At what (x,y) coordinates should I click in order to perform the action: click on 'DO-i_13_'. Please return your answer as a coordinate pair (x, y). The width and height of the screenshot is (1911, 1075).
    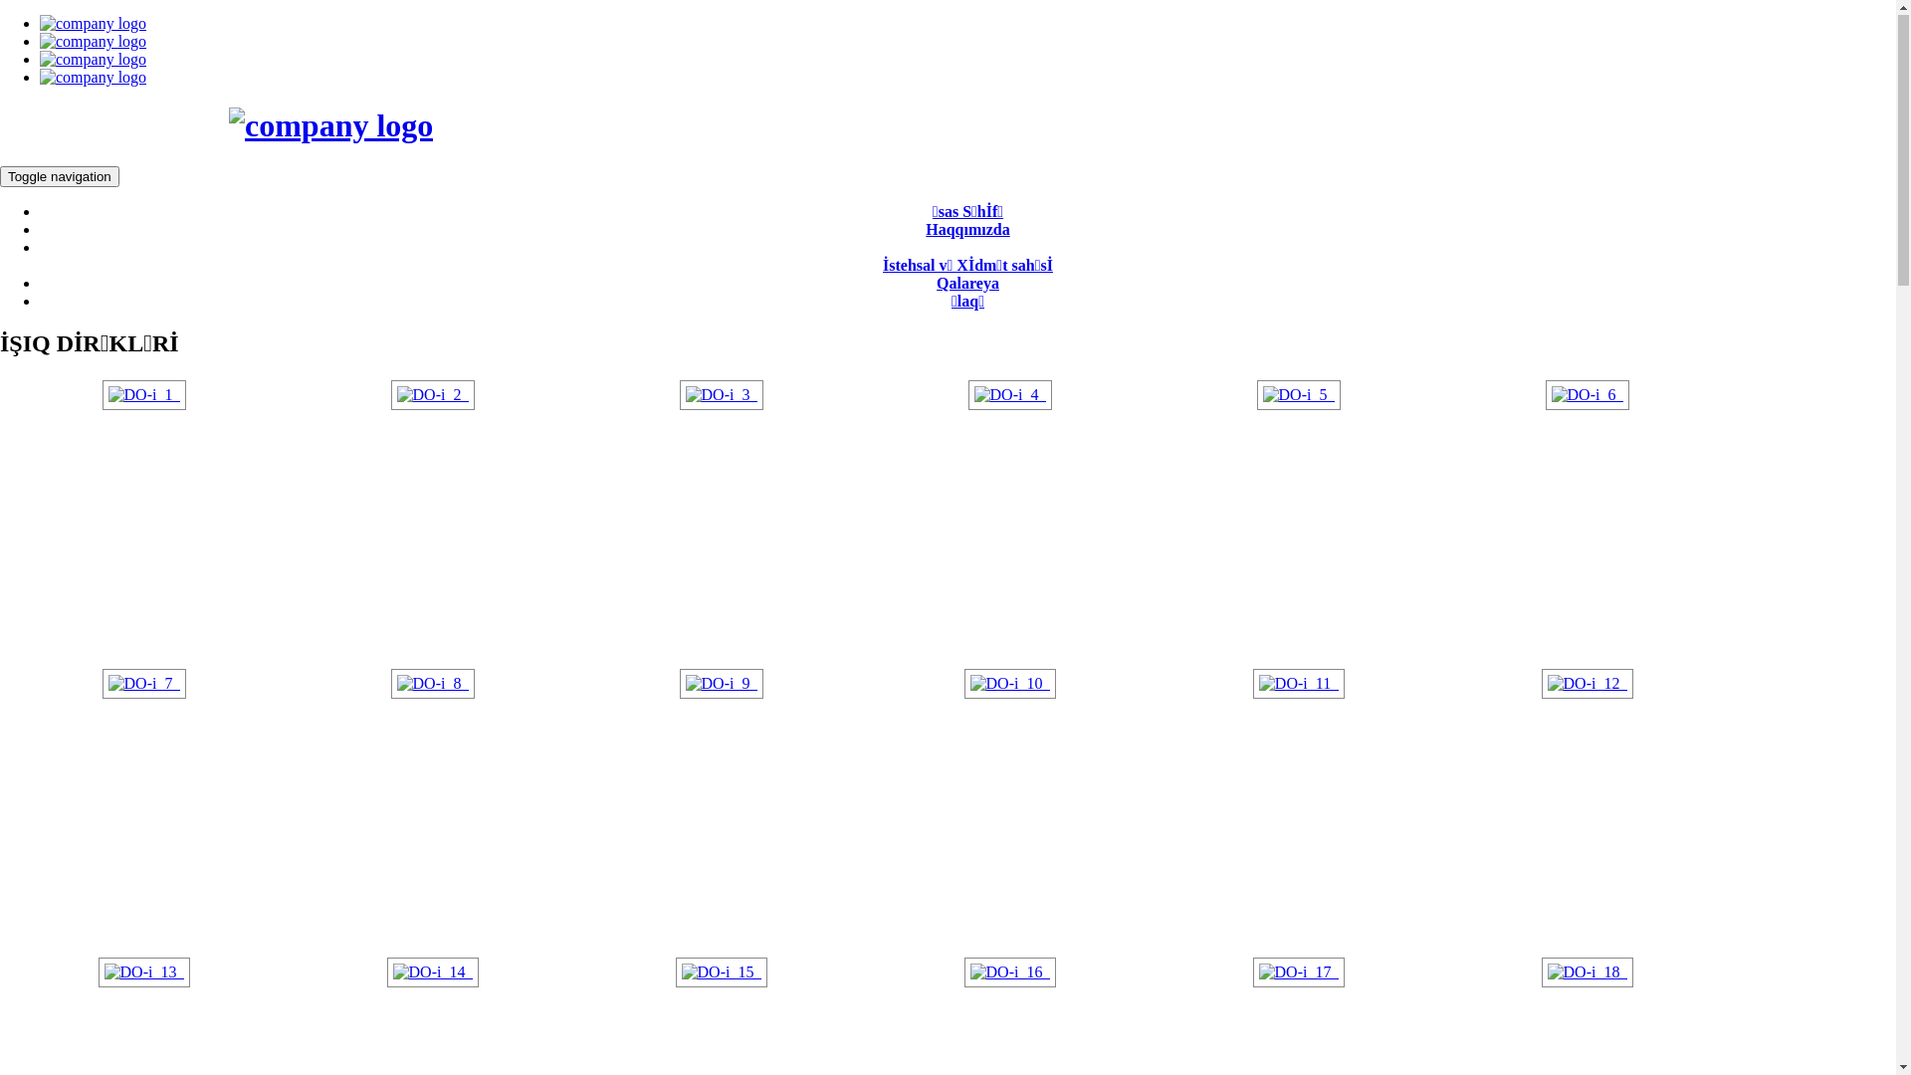
    Looking at the image, I should click on (95, 971).